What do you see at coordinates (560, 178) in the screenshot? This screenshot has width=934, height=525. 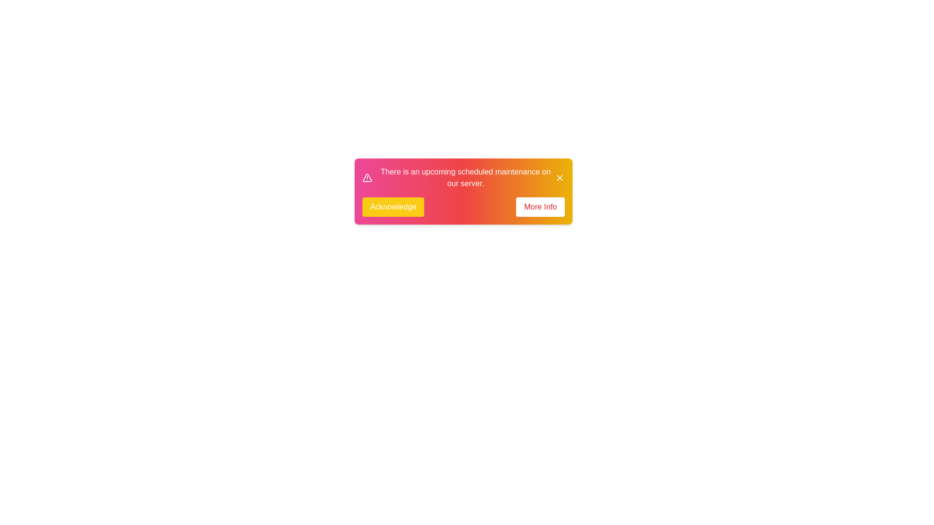 I see `the close button to dismiss the notification` at bounding box center [560, 178].